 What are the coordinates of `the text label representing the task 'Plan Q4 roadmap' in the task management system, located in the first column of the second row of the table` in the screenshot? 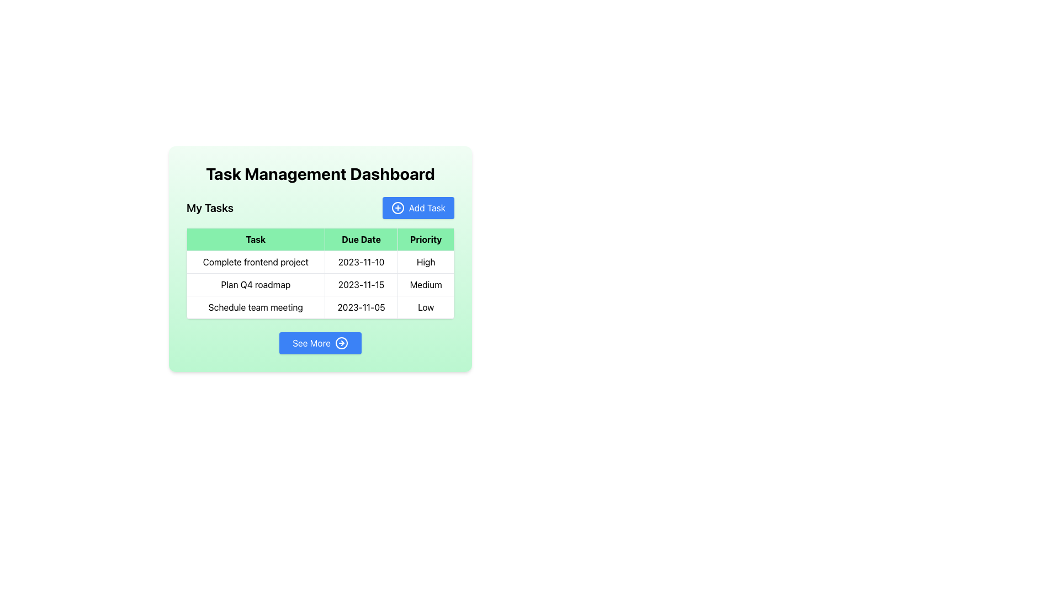 It's located at (255, 284).